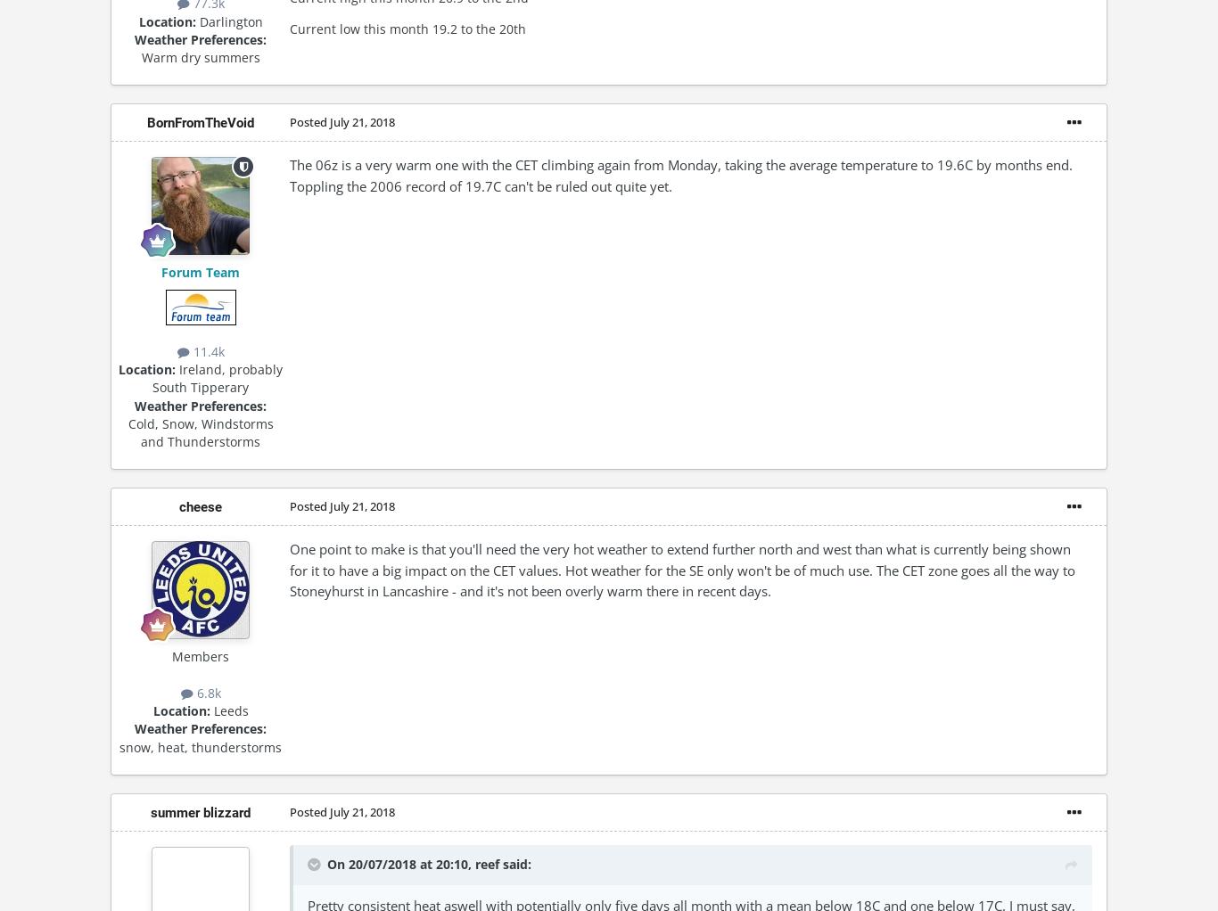 This screenshot has width=1218, height=911. What do you see at coordinates (206, 693) in the screenshot?
I see `'6.8k'` at bounding box center [206, 693].